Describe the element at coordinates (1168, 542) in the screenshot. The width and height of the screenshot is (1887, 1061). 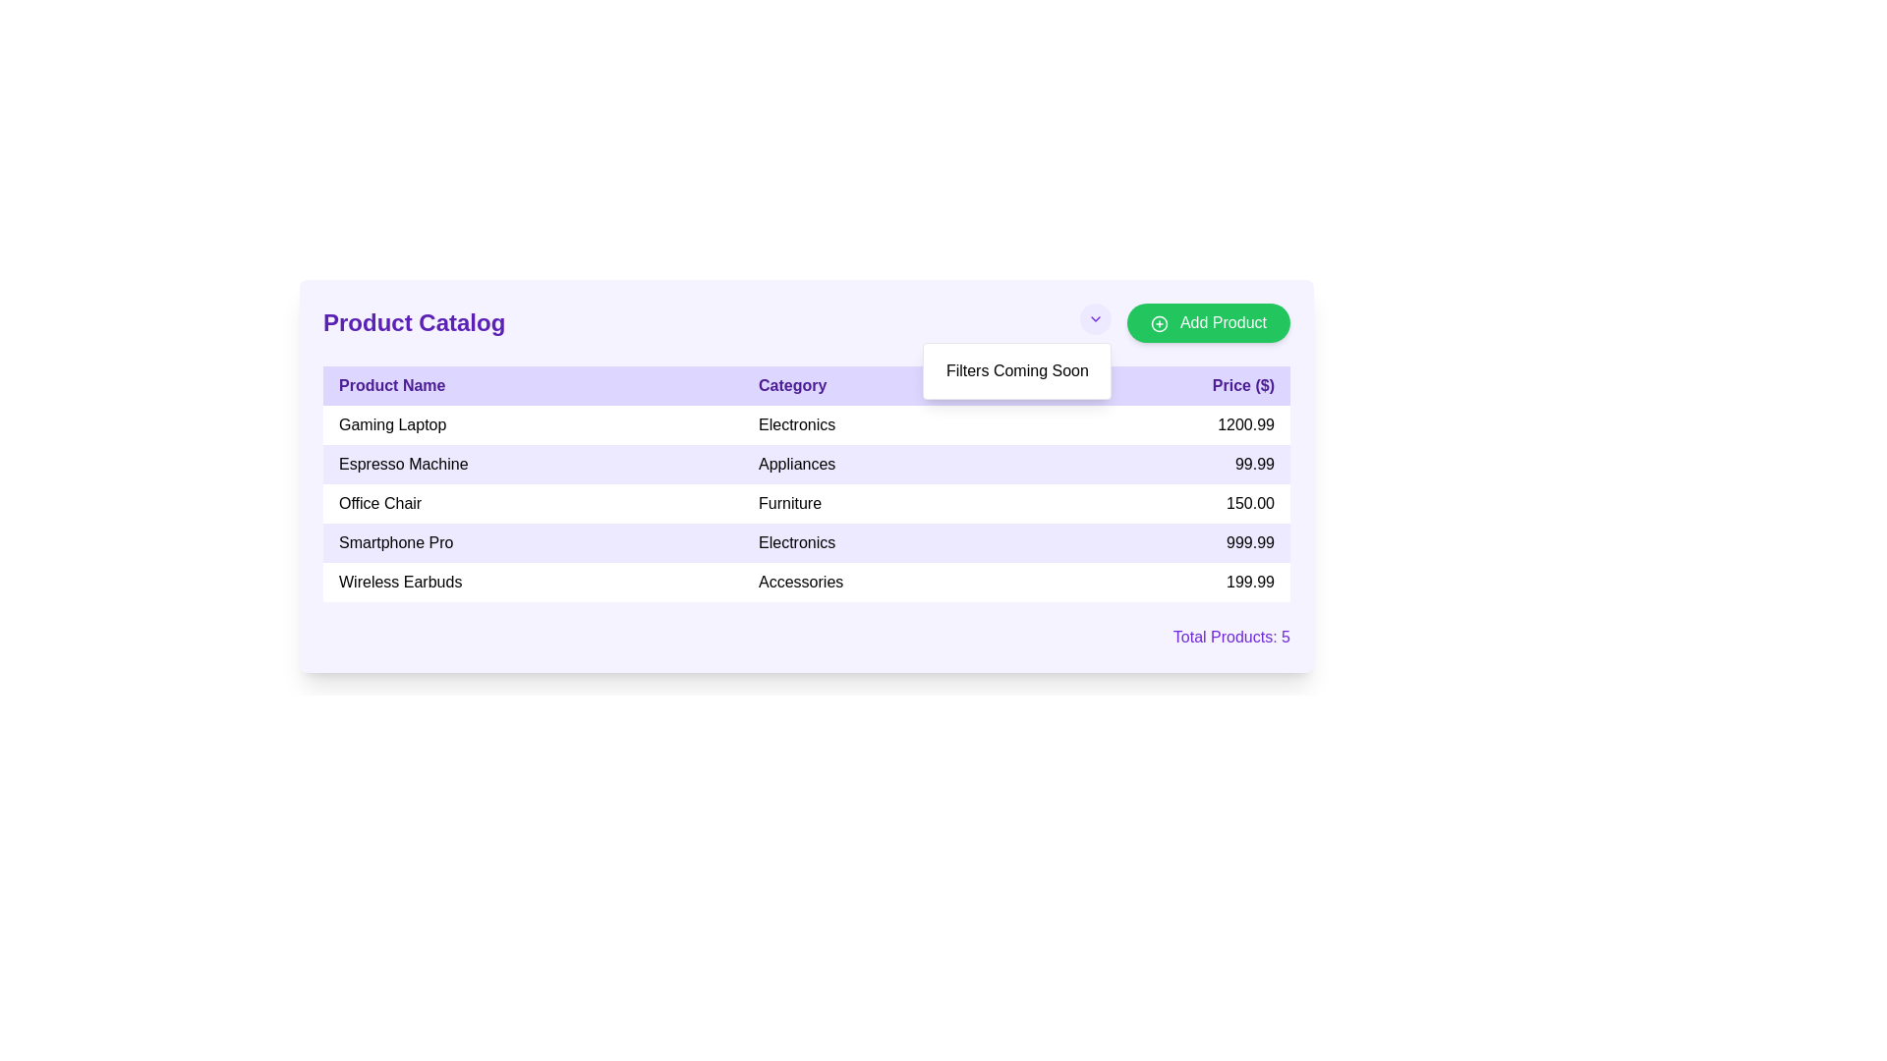
I see `the numeric display reading '999.99' in the price column of the table, which is the last element in the row for 'Smartphone Pro' under 'Electronics'` at that location.